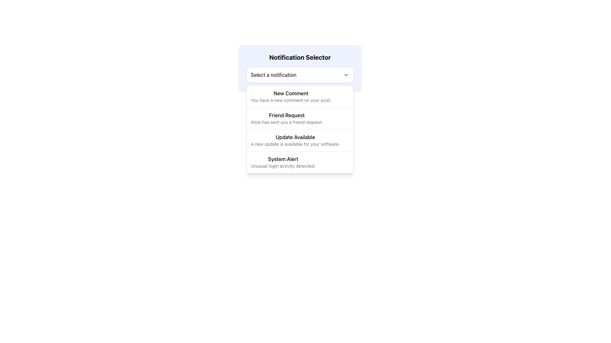 This screenshot has width=611, height=343. What do you see at coordinates (283, 162) in the screenshot?
I see `the notification item titled 'System Alert' with the description 'Unusual login activity detected' located in the dropdown panel under 'Notification Selector'` at bounding box center [283, 162].